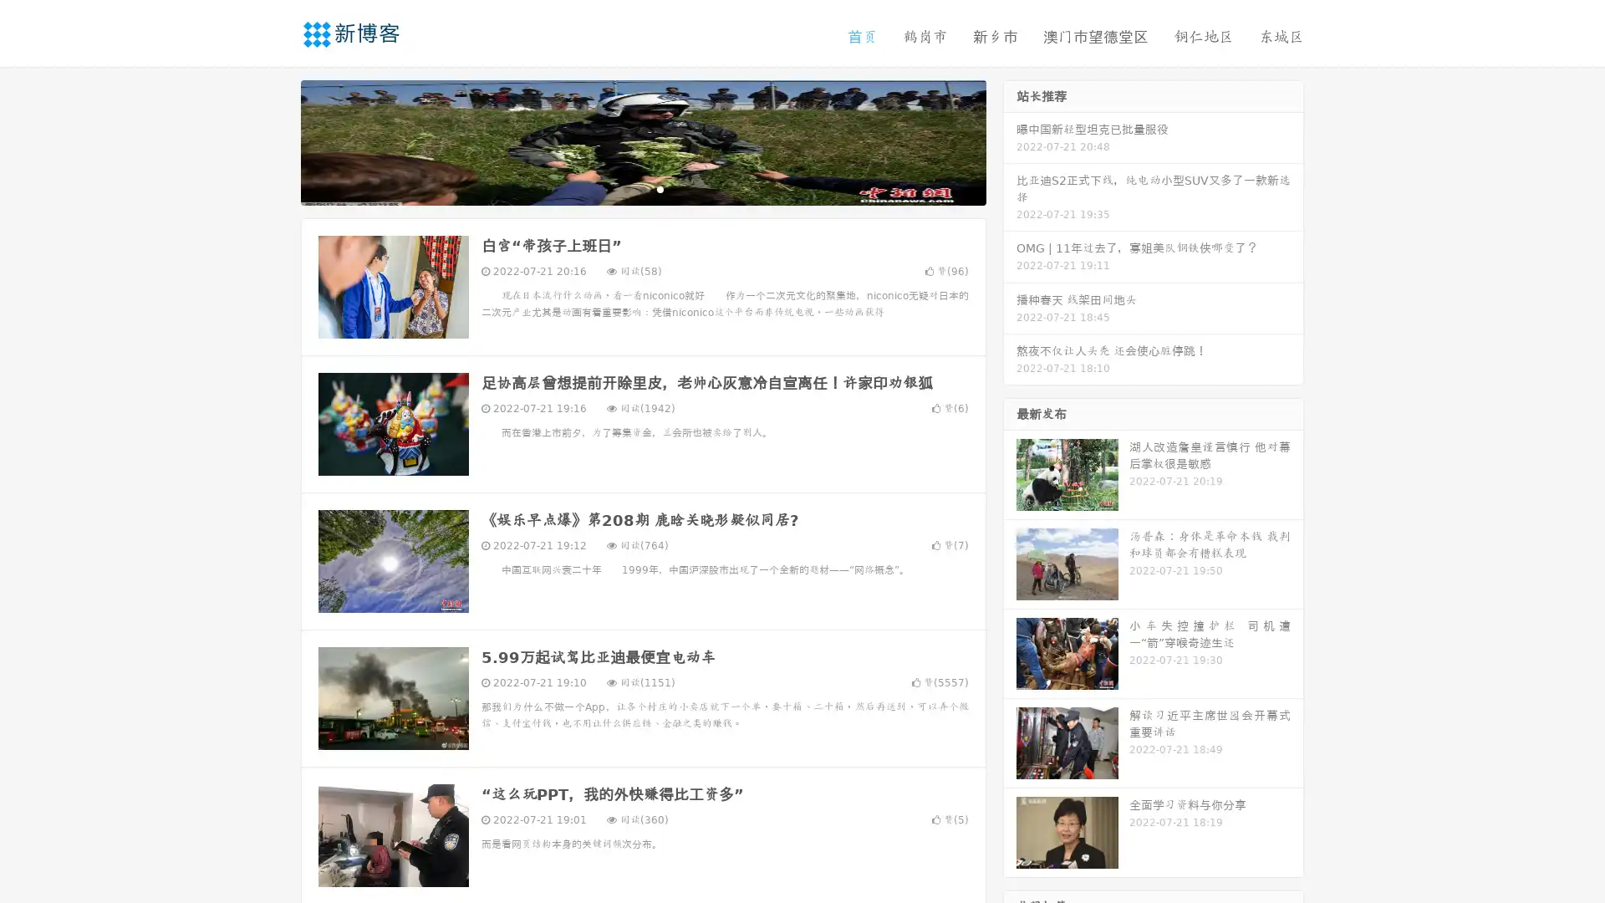 The height and width of the screenshot is (903, 1605). What do you see at coordinates (625, 188) in the screenshot?
I see `Go to slide 1` at bounding box center [625, 188].